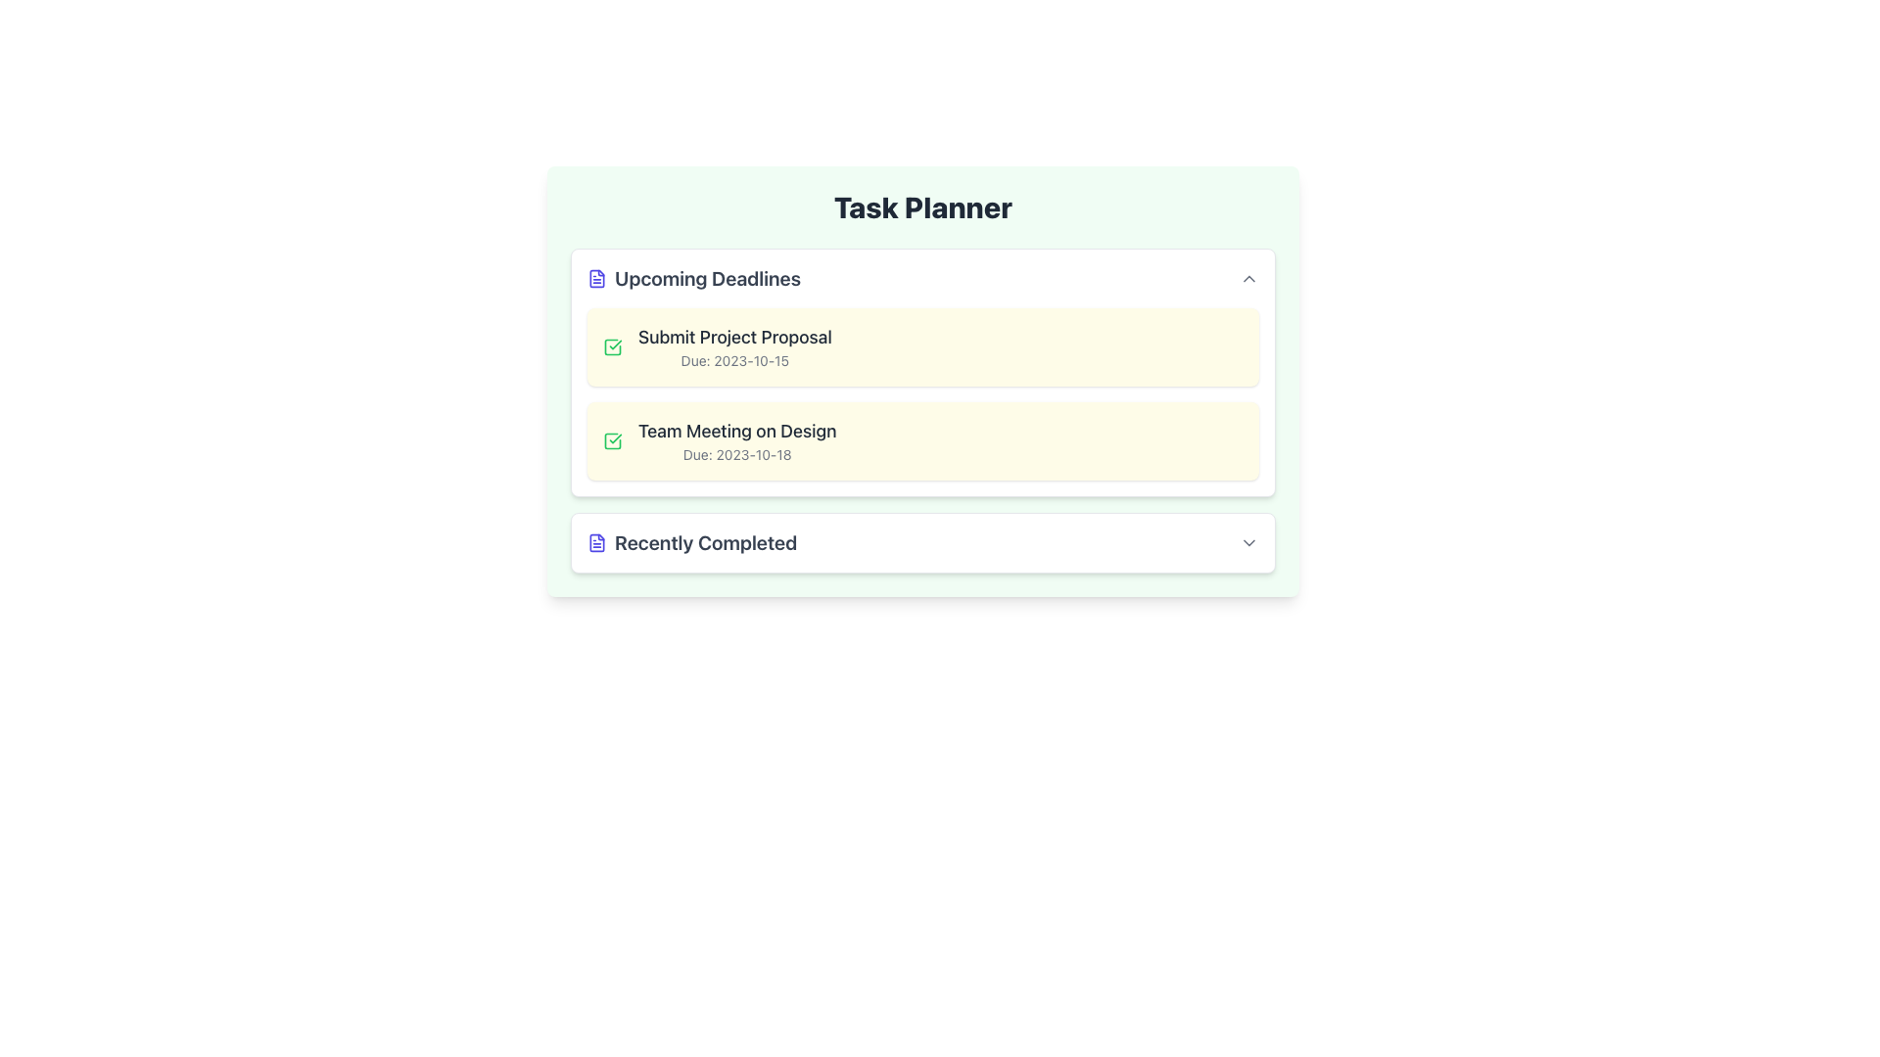  Describe the element at coordinates (733, 361) in the screenshot. I see `the static text displaying 'Due: 2023-10-15' located below the 'Submit Project Proposal' heading in the 'Upcoming Deadlines' section` at that location.